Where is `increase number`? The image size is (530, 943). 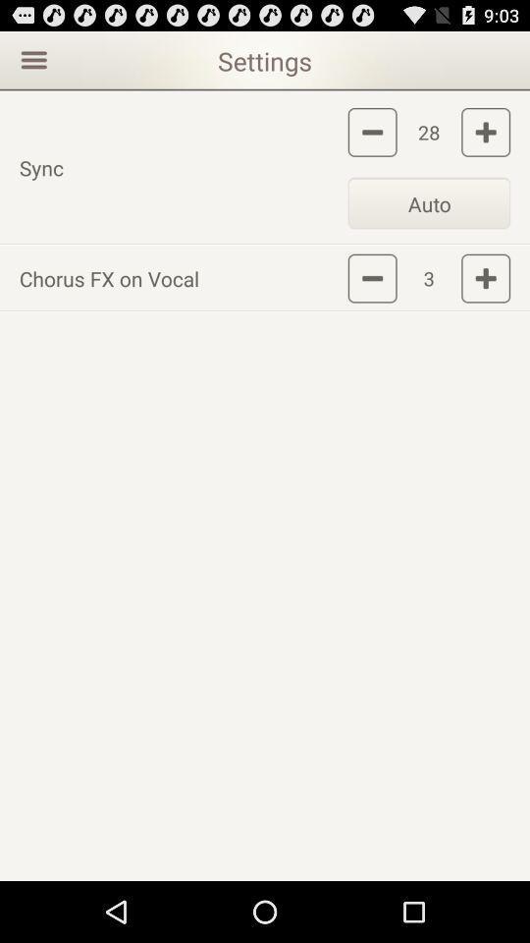
increase number is located at coordinates (485, 277).